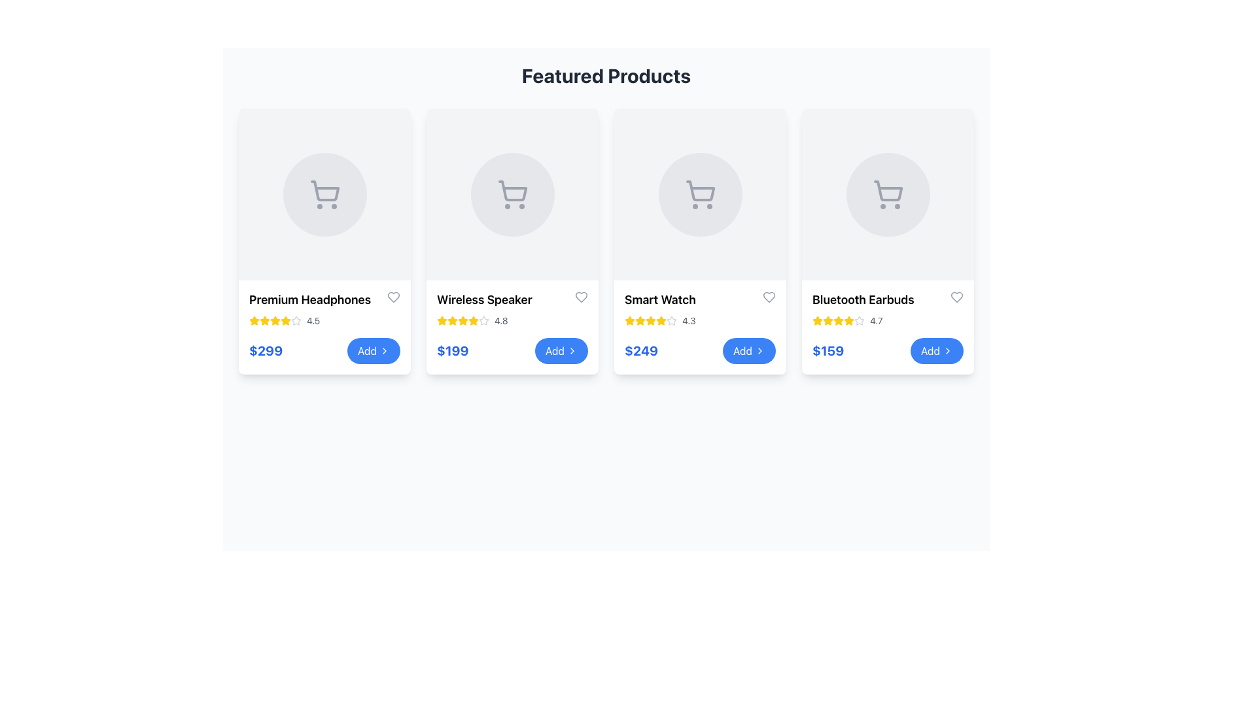  I want to click on the third yellow star icon in the rating component of the Smart Watch product card to rate it, so click(661, 320).